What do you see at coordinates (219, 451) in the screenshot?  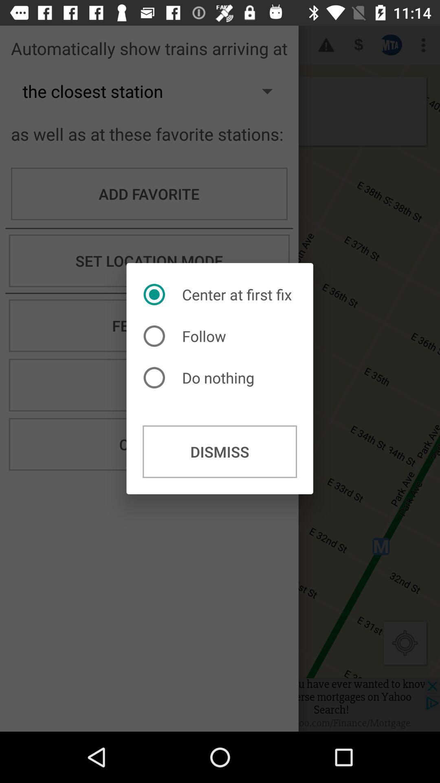 I see `the dismiss button` at bounding box center [219, 451].